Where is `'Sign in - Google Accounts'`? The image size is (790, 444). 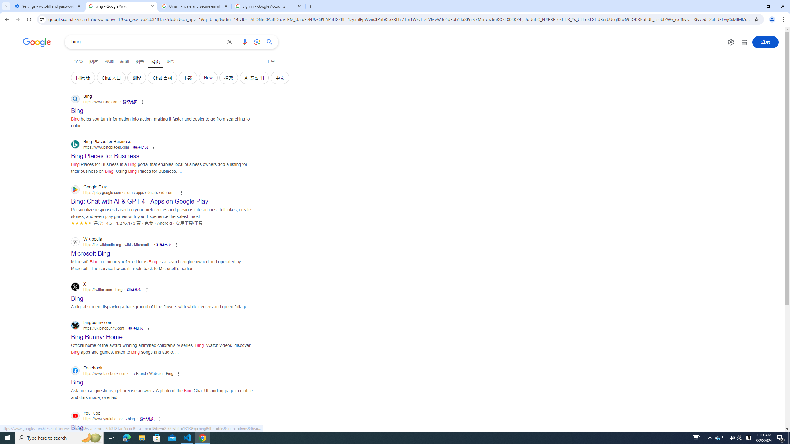
'Sign in - Google Accounts' is located at coordinates (268, 6).